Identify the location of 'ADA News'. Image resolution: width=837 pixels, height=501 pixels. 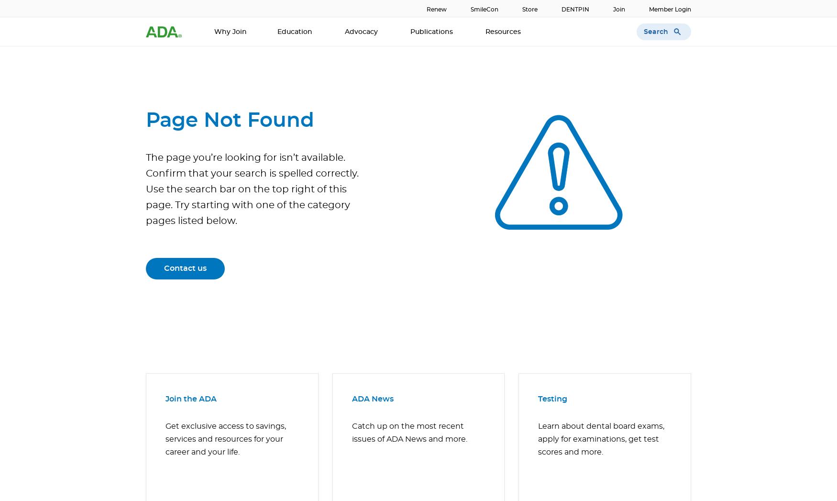
(372, 398).